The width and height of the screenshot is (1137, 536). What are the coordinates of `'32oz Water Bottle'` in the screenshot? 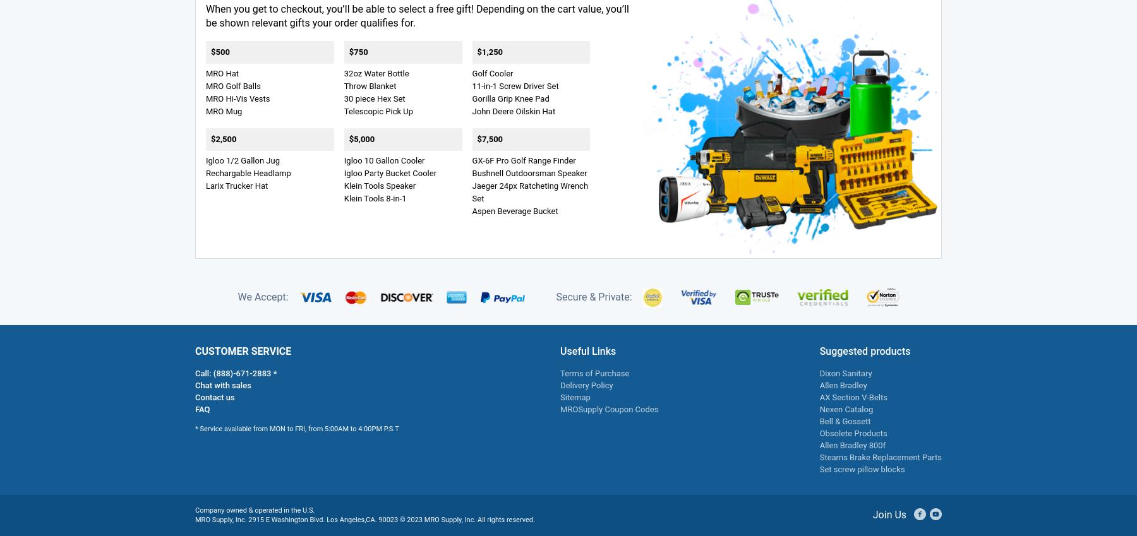 It's located at (376, 72).